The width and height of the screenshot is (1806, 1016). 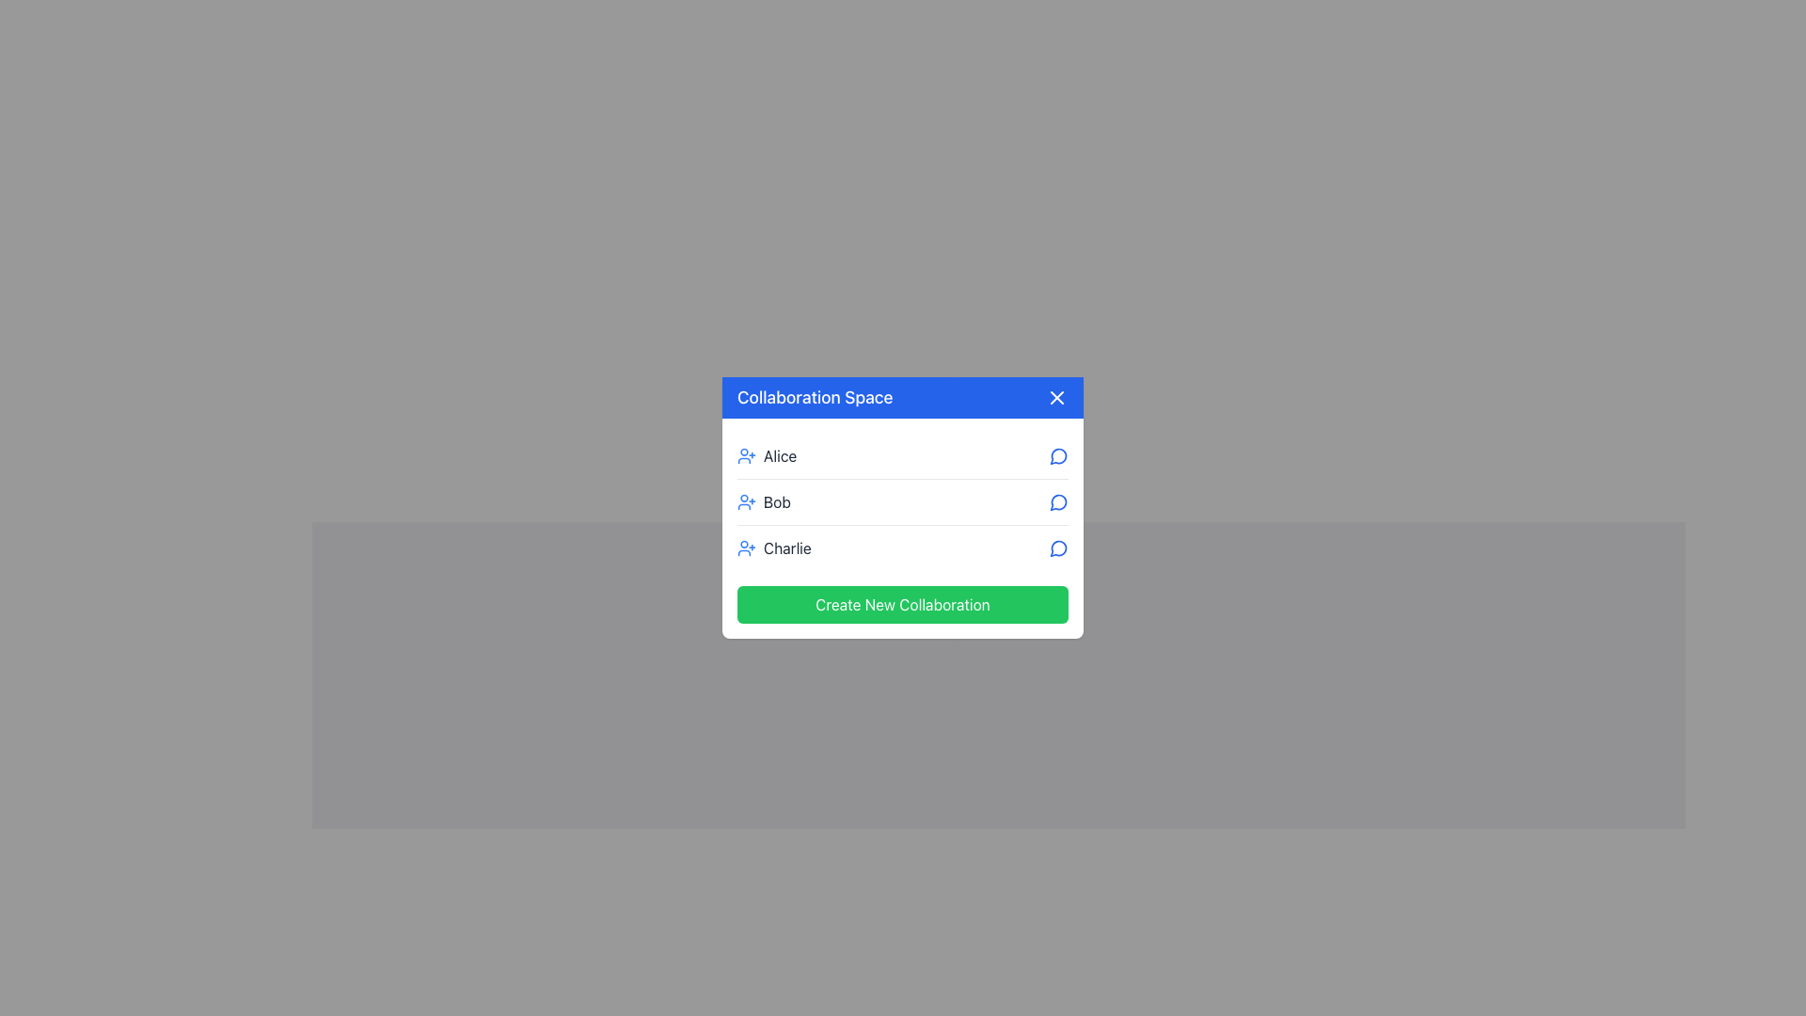 I want to click on the text label displaying 'Charlie' in dark gray font within the 'Collaboration Space' dialog box, so click(x=787, y=548).